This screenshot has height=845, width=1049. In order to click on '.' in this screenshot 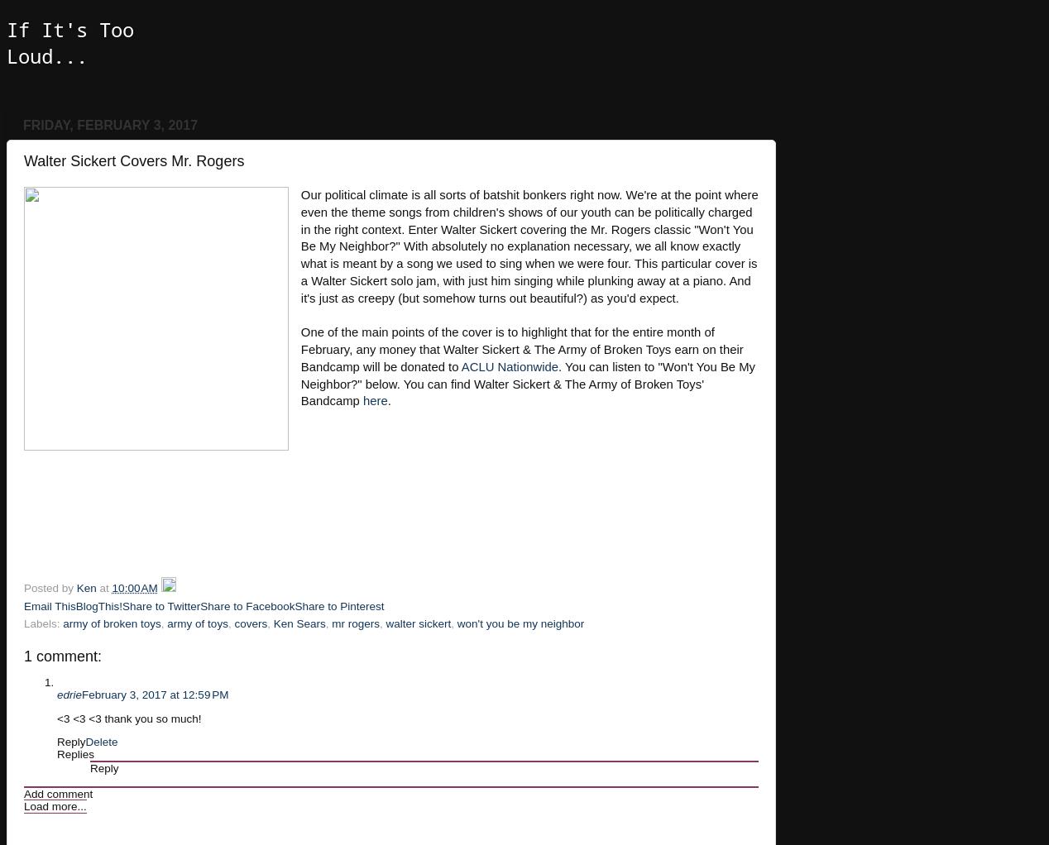, I will do `click(389, 401)`.